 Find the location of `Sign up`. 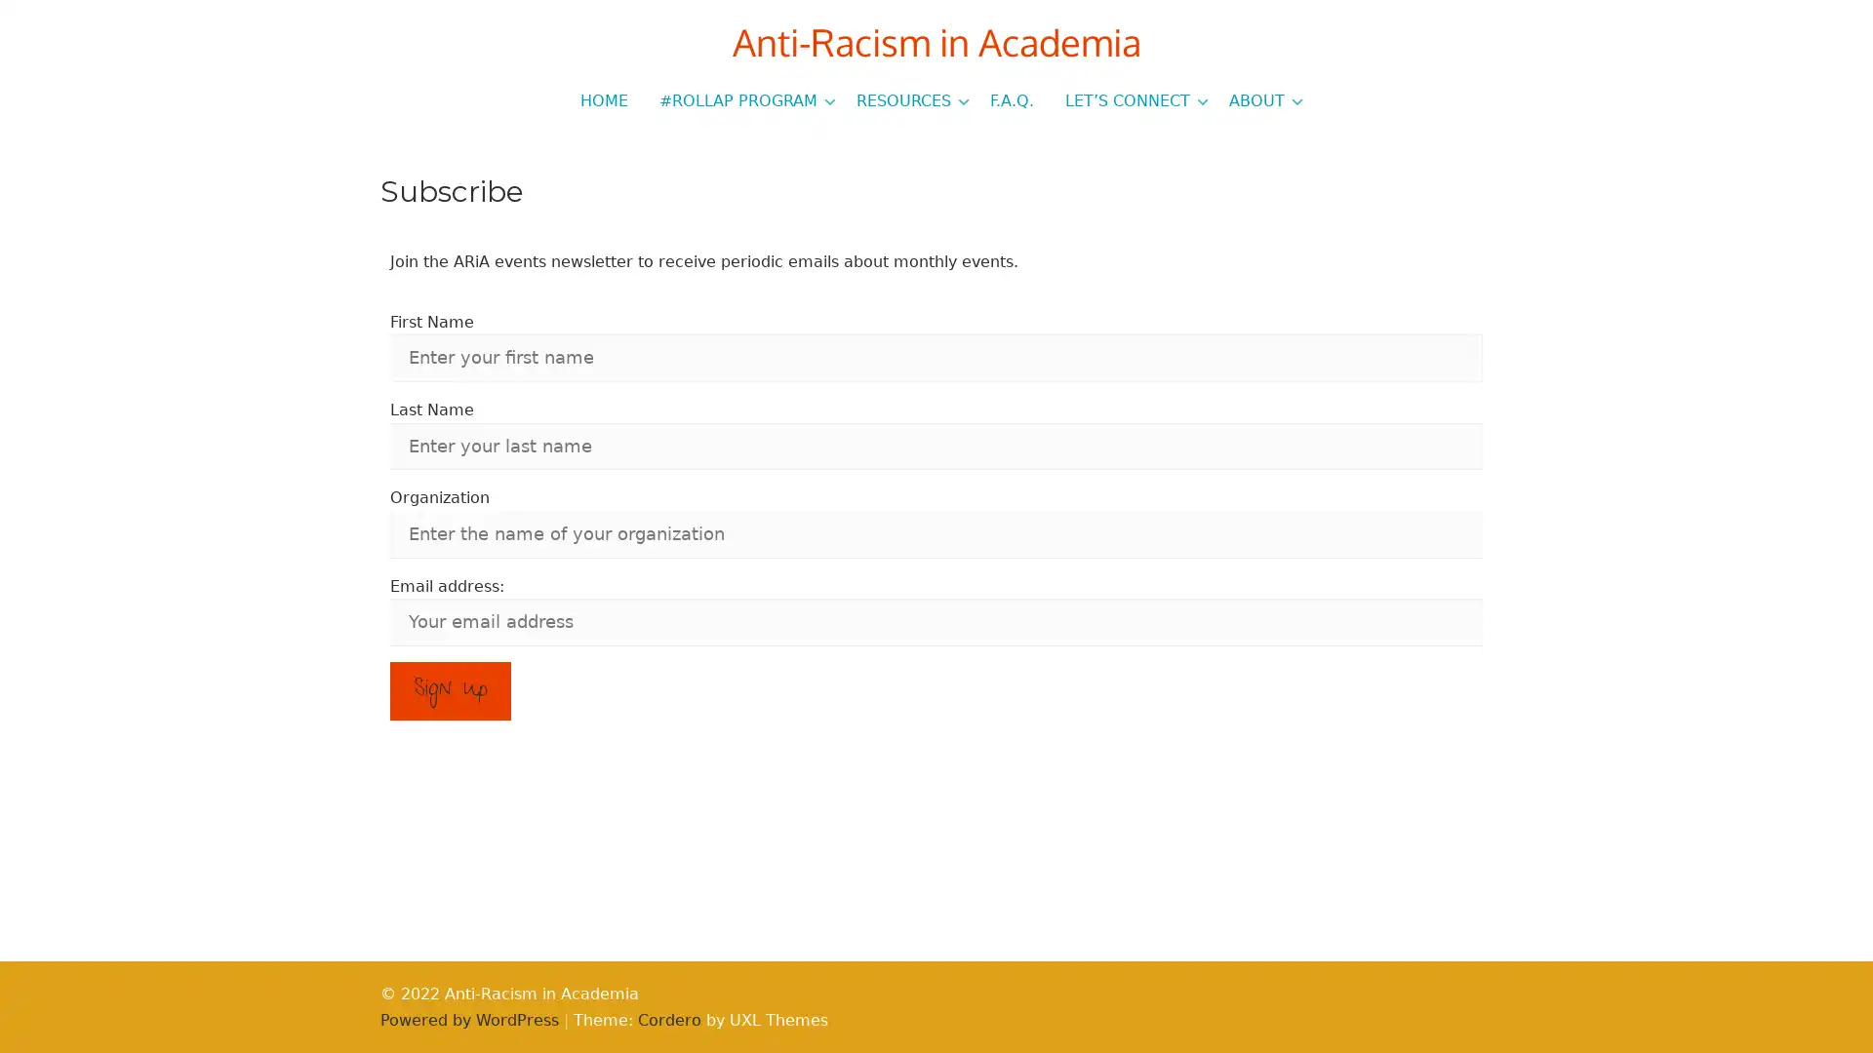

Sign up is located at coordinates (449, 690).